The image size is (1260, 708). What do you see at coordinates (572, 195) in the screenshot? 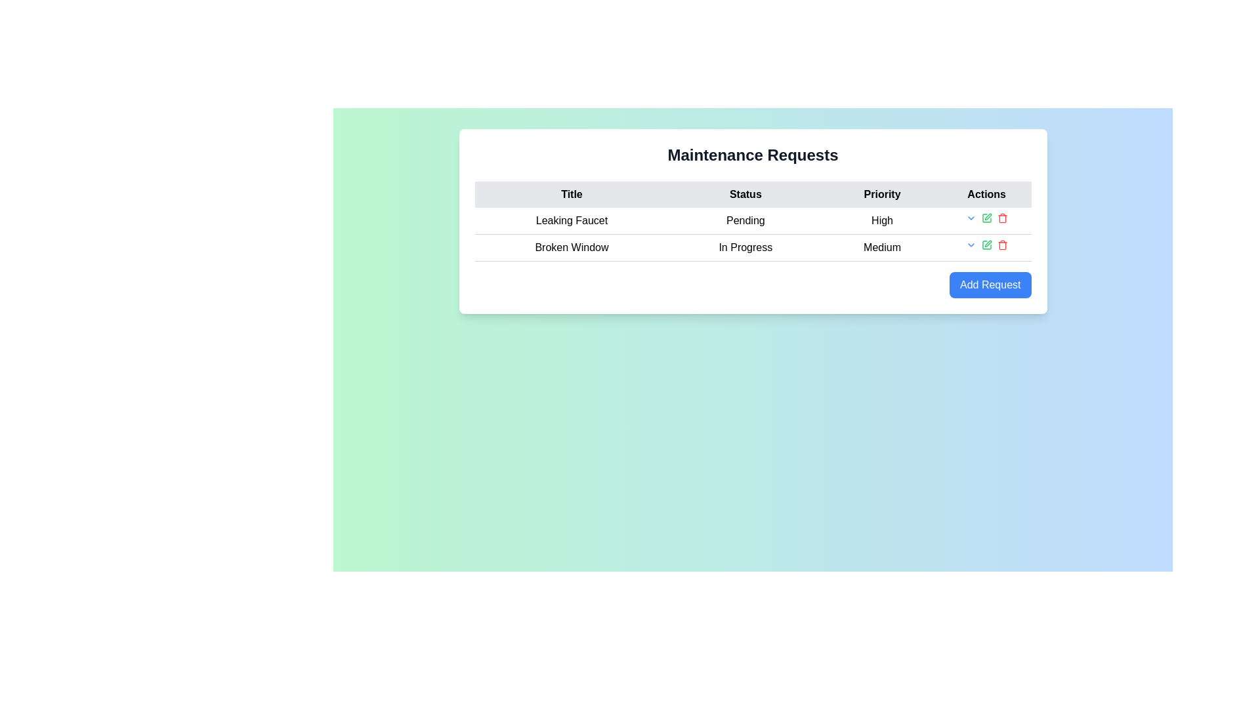
I see `the 'Title' text label, which is the first header column in the table indicating the content category of the first column` at bounding box center [572, 195].